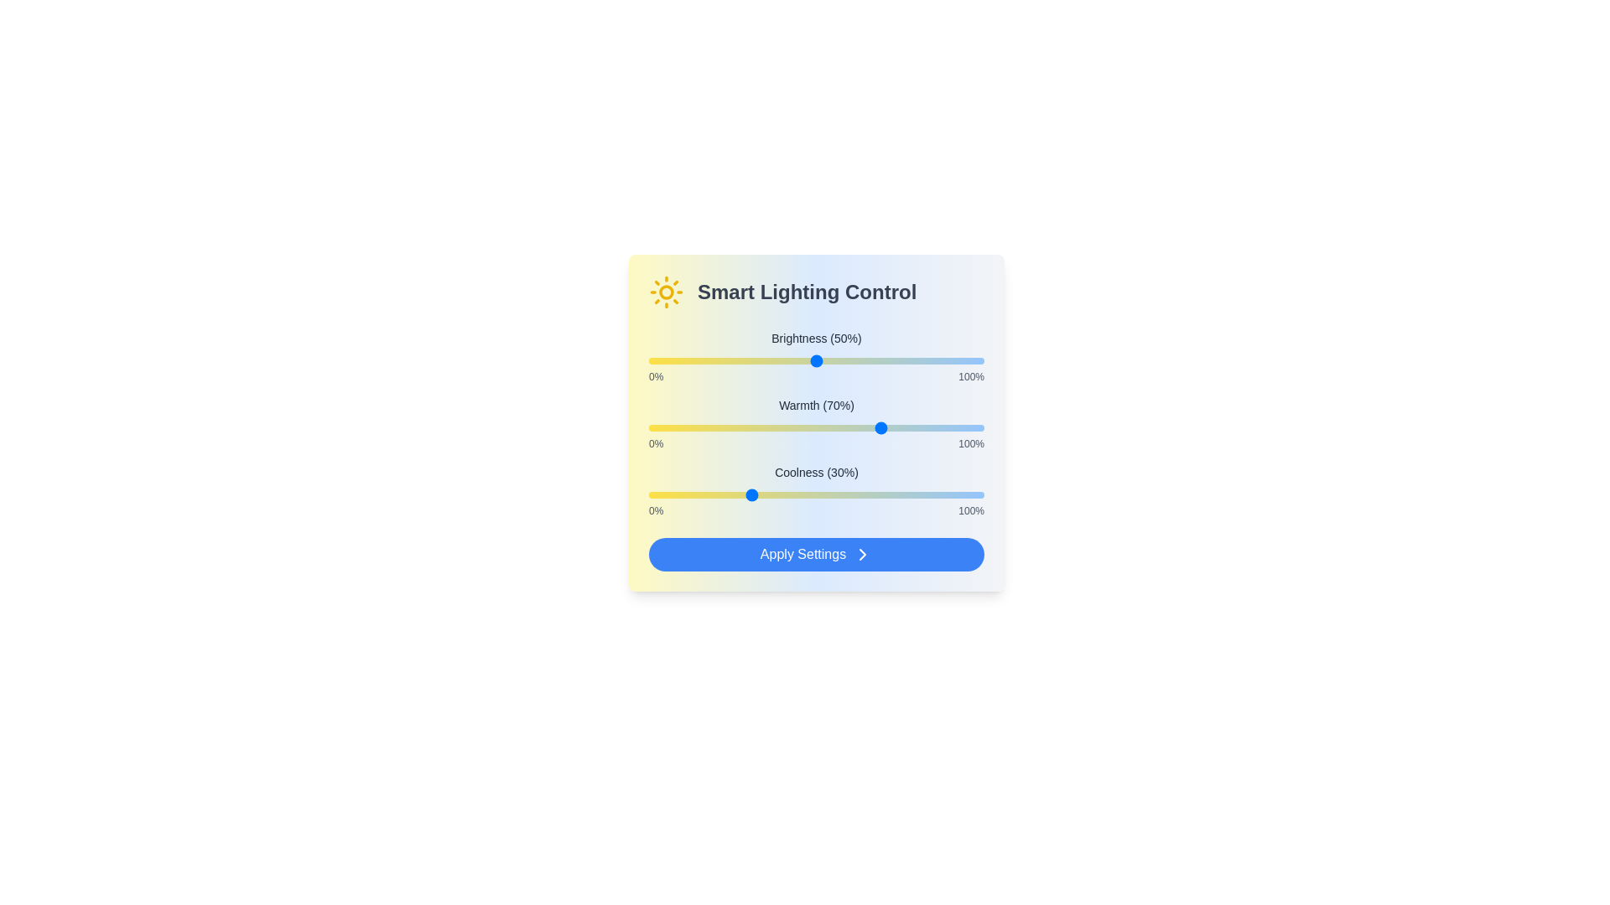  What do you see at coordinates (978, 427) in the screenshot?
I see `the Warmth slider to 98%` at bounding box center [978, 427].